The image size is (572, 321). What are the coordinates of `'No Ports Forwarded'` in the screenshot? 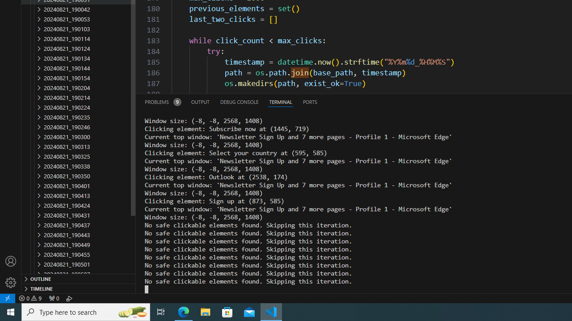 It's located at (53, 298).